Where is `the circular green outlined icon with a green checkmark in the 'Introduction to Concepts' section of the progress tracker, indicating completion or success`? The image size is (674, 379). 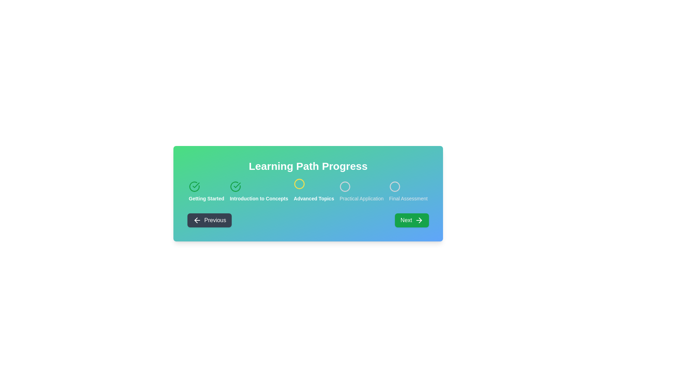 the circular green outlined icon with a green checkmark in the 'Introduction to Concepts' section of the progress tracker, indicating completion or success is located at coordinates (235, 186).